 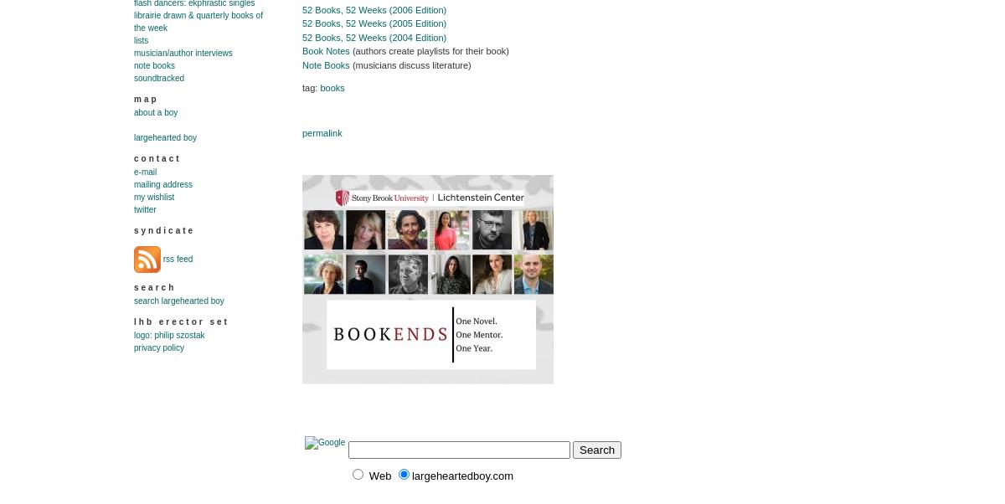 What do you see at coordinates (155, 112) in the screenshot?
I see `'about a boy'` at bounding box center [155, 112].